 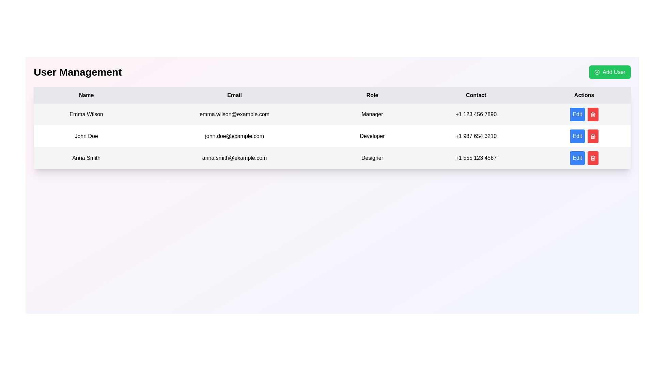 I want to click on the text label displaying 'John Doe' in the user management system, located in the 'Name' column of the second row, so click(x=86, y=136).